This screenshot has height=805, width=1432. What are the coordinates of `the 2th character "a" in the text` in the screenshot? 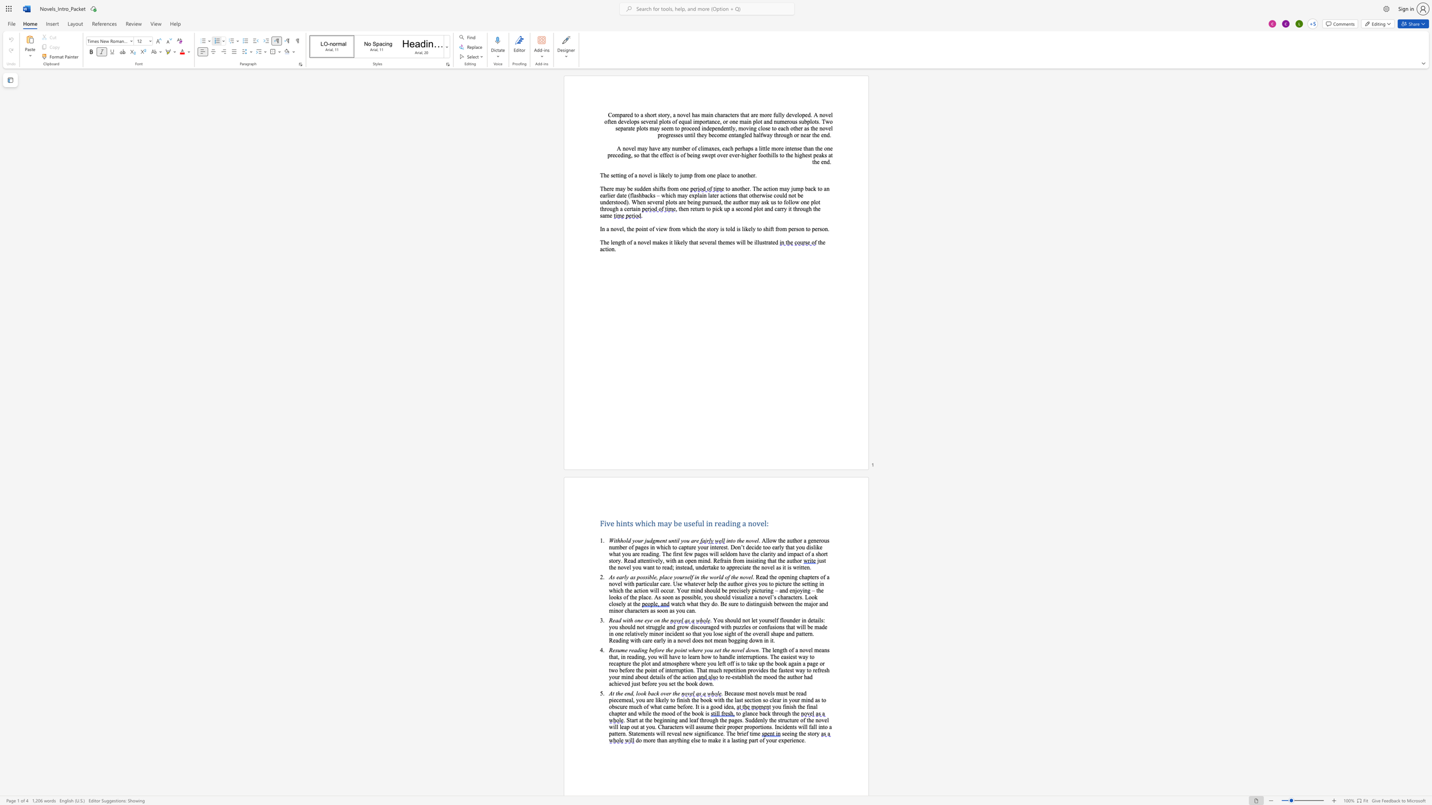 It's located at (723, 523).